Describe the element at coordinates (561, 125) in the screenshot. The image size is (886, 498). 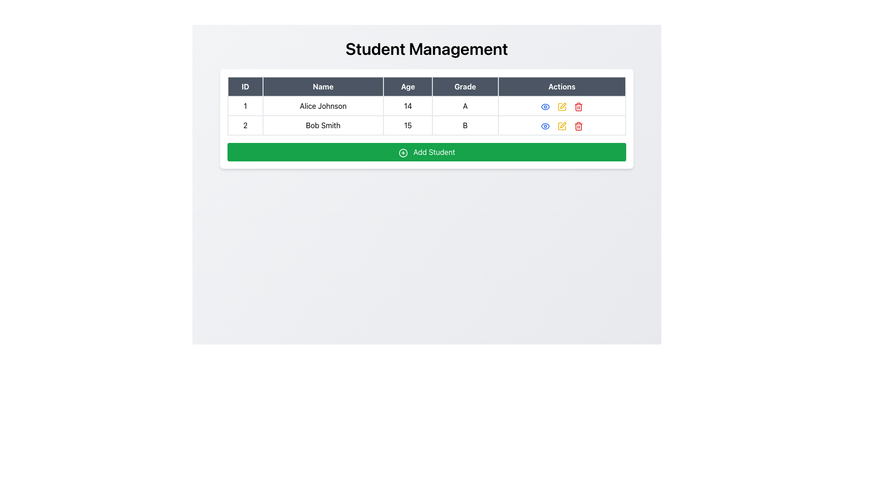
I see `the yellow pen-shaped icon in the 'Actions' column` at that location.